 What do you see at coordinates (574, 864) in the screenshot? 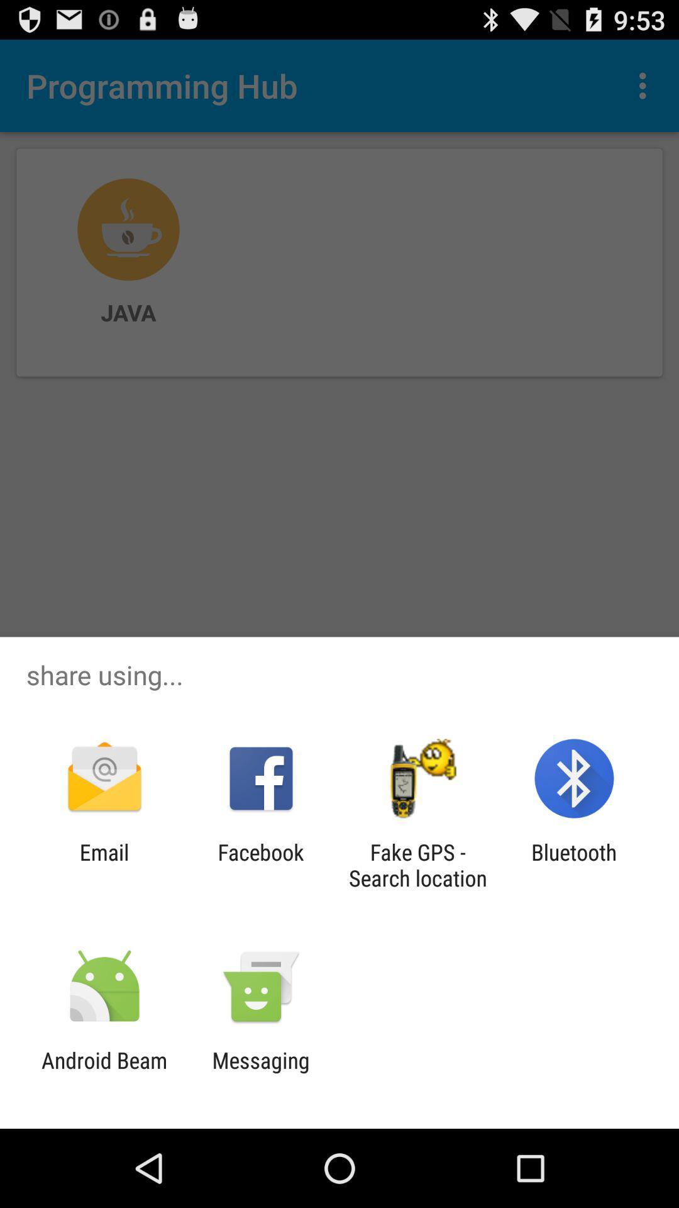
I see `bluetooth` at bounding box center [574, 864].